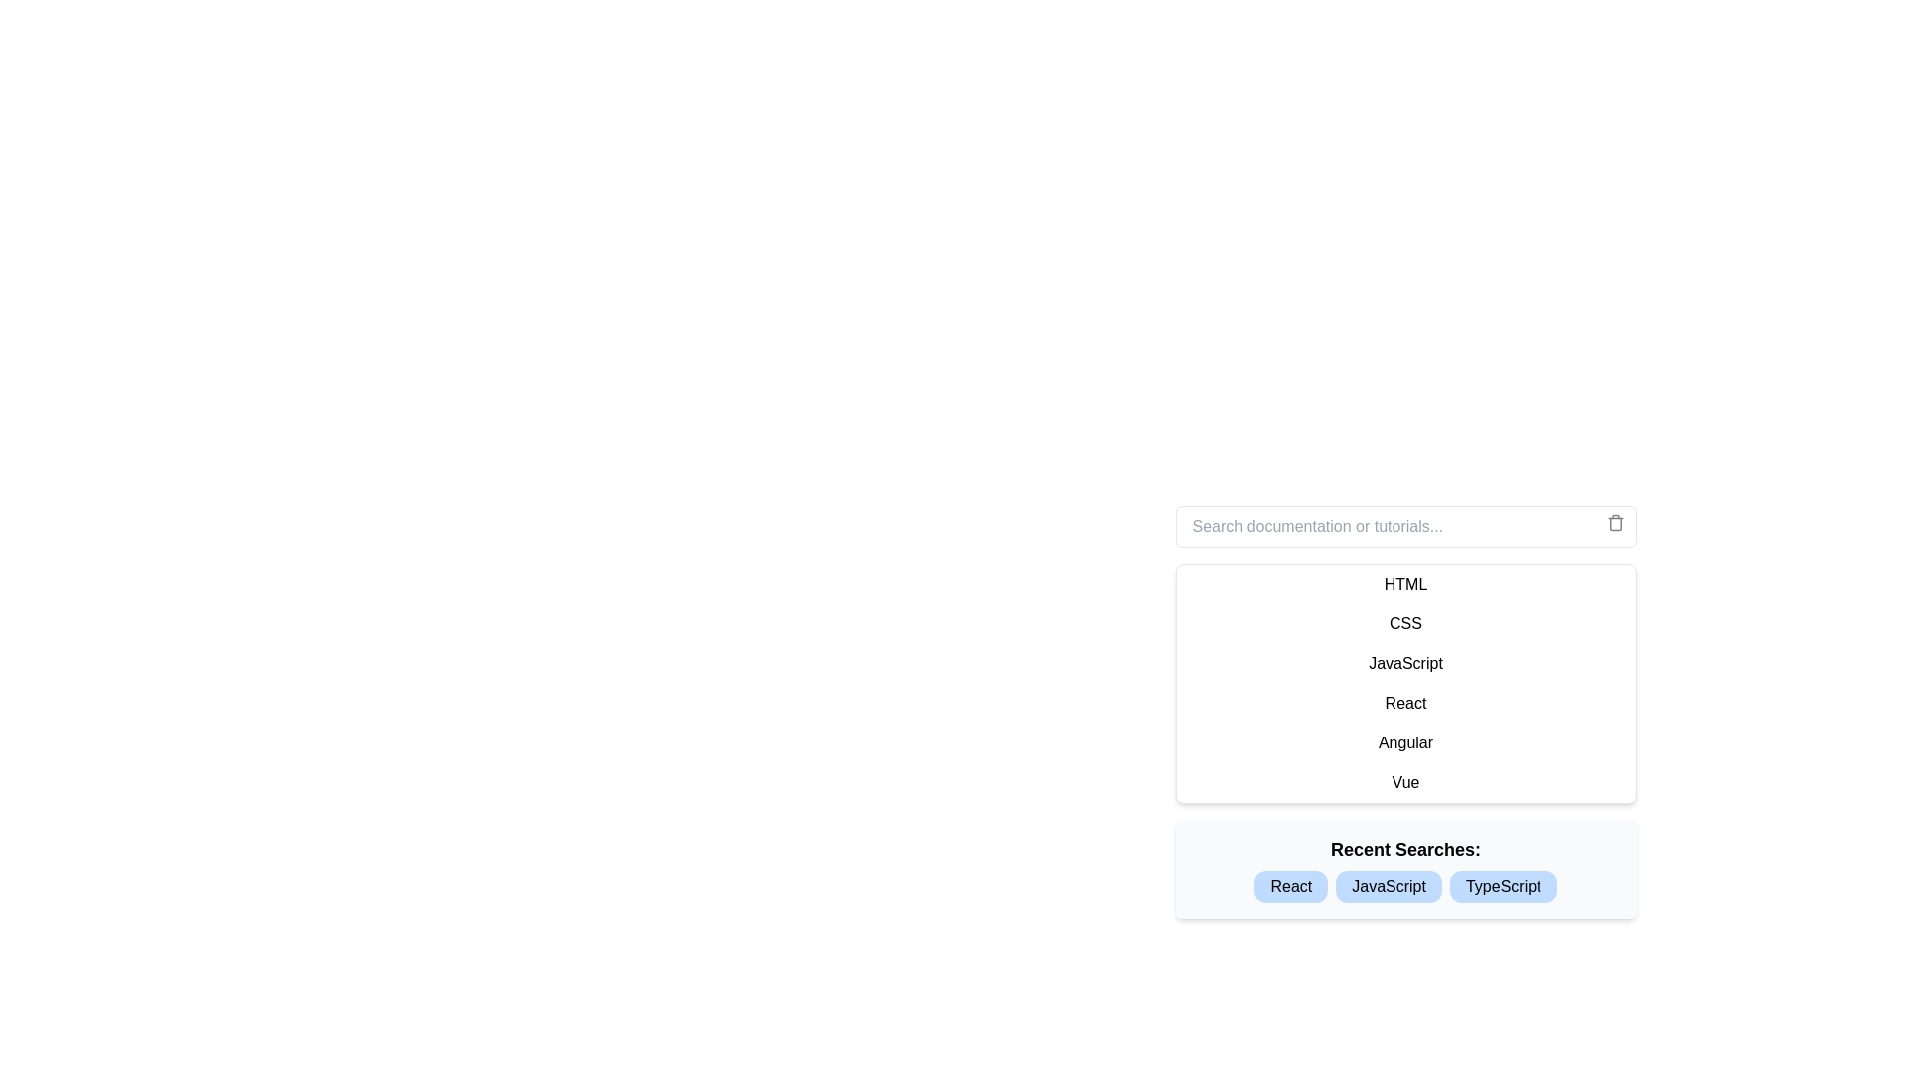 The width and height of the screenshot is (1907, 1072). Describe the element at coordinates (1503, 886) in the screenshot. I see `the search history button for 'TypeScript'` at that location.